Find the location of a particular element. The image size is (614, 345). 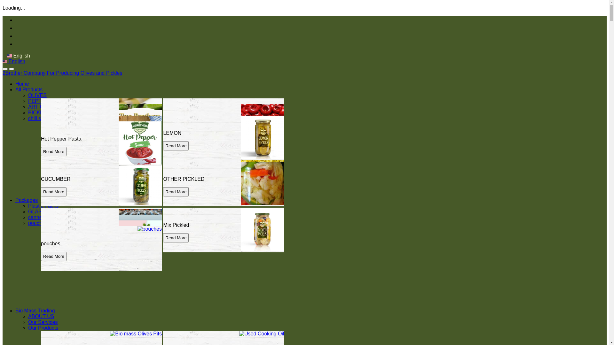

'All Products' is located at coordinates (28, 89).